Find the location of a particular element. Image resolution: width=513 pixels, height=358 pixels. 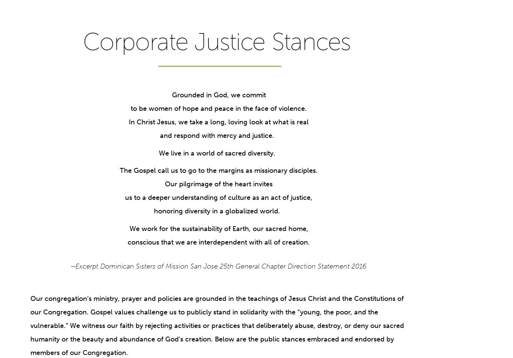

'We live in a world of sacred diversity.' is located at coordinates (218, 153).